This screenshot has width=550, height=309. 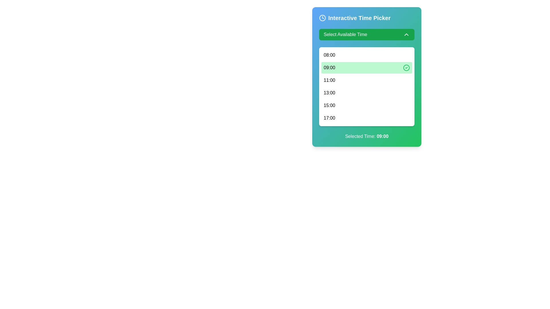 I want to click on the circular green icon with a checkmark inside, located on the right side of the '09:00' time slot, to check or uncheck the selection, so click(x=406, y=67).